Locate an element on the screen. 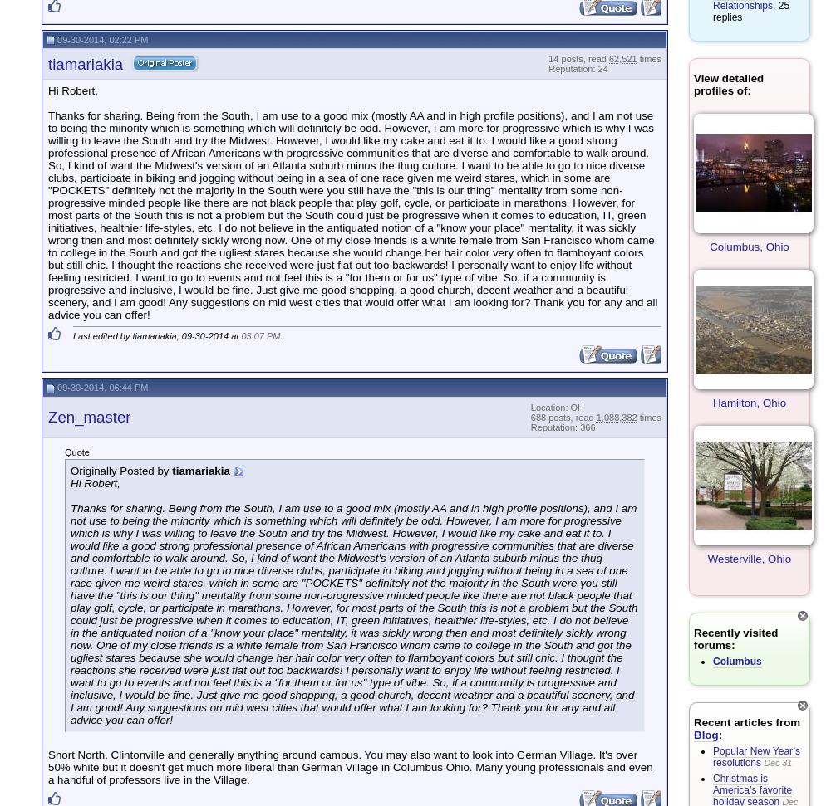 The height and width of the screenshot is (806, 831). '03:07 PM' is located at coordinates (241, 335).